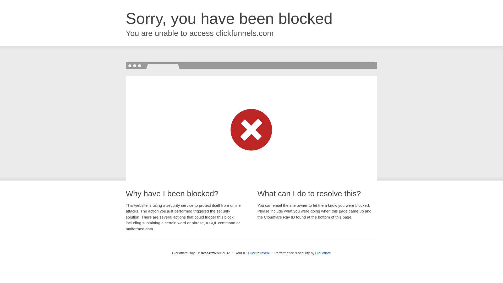  Describe the element at coordinates (259, 253) in the screenshot. I see `'Click to reveal'` at that location.